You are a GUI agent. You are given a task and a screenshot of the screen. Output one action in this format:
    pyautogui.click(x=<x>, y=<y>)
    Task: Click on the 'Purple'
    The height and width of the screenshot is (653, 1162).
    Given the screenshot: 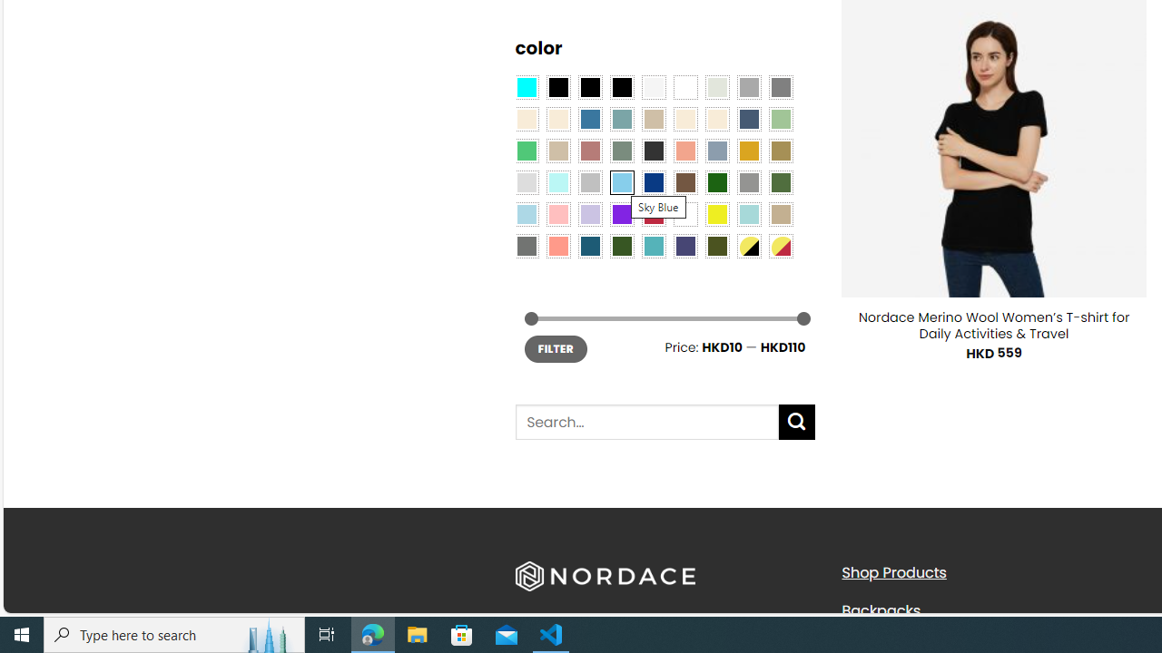 What is the action you would take?
    pyautogui.click(x=621, y=213)
    